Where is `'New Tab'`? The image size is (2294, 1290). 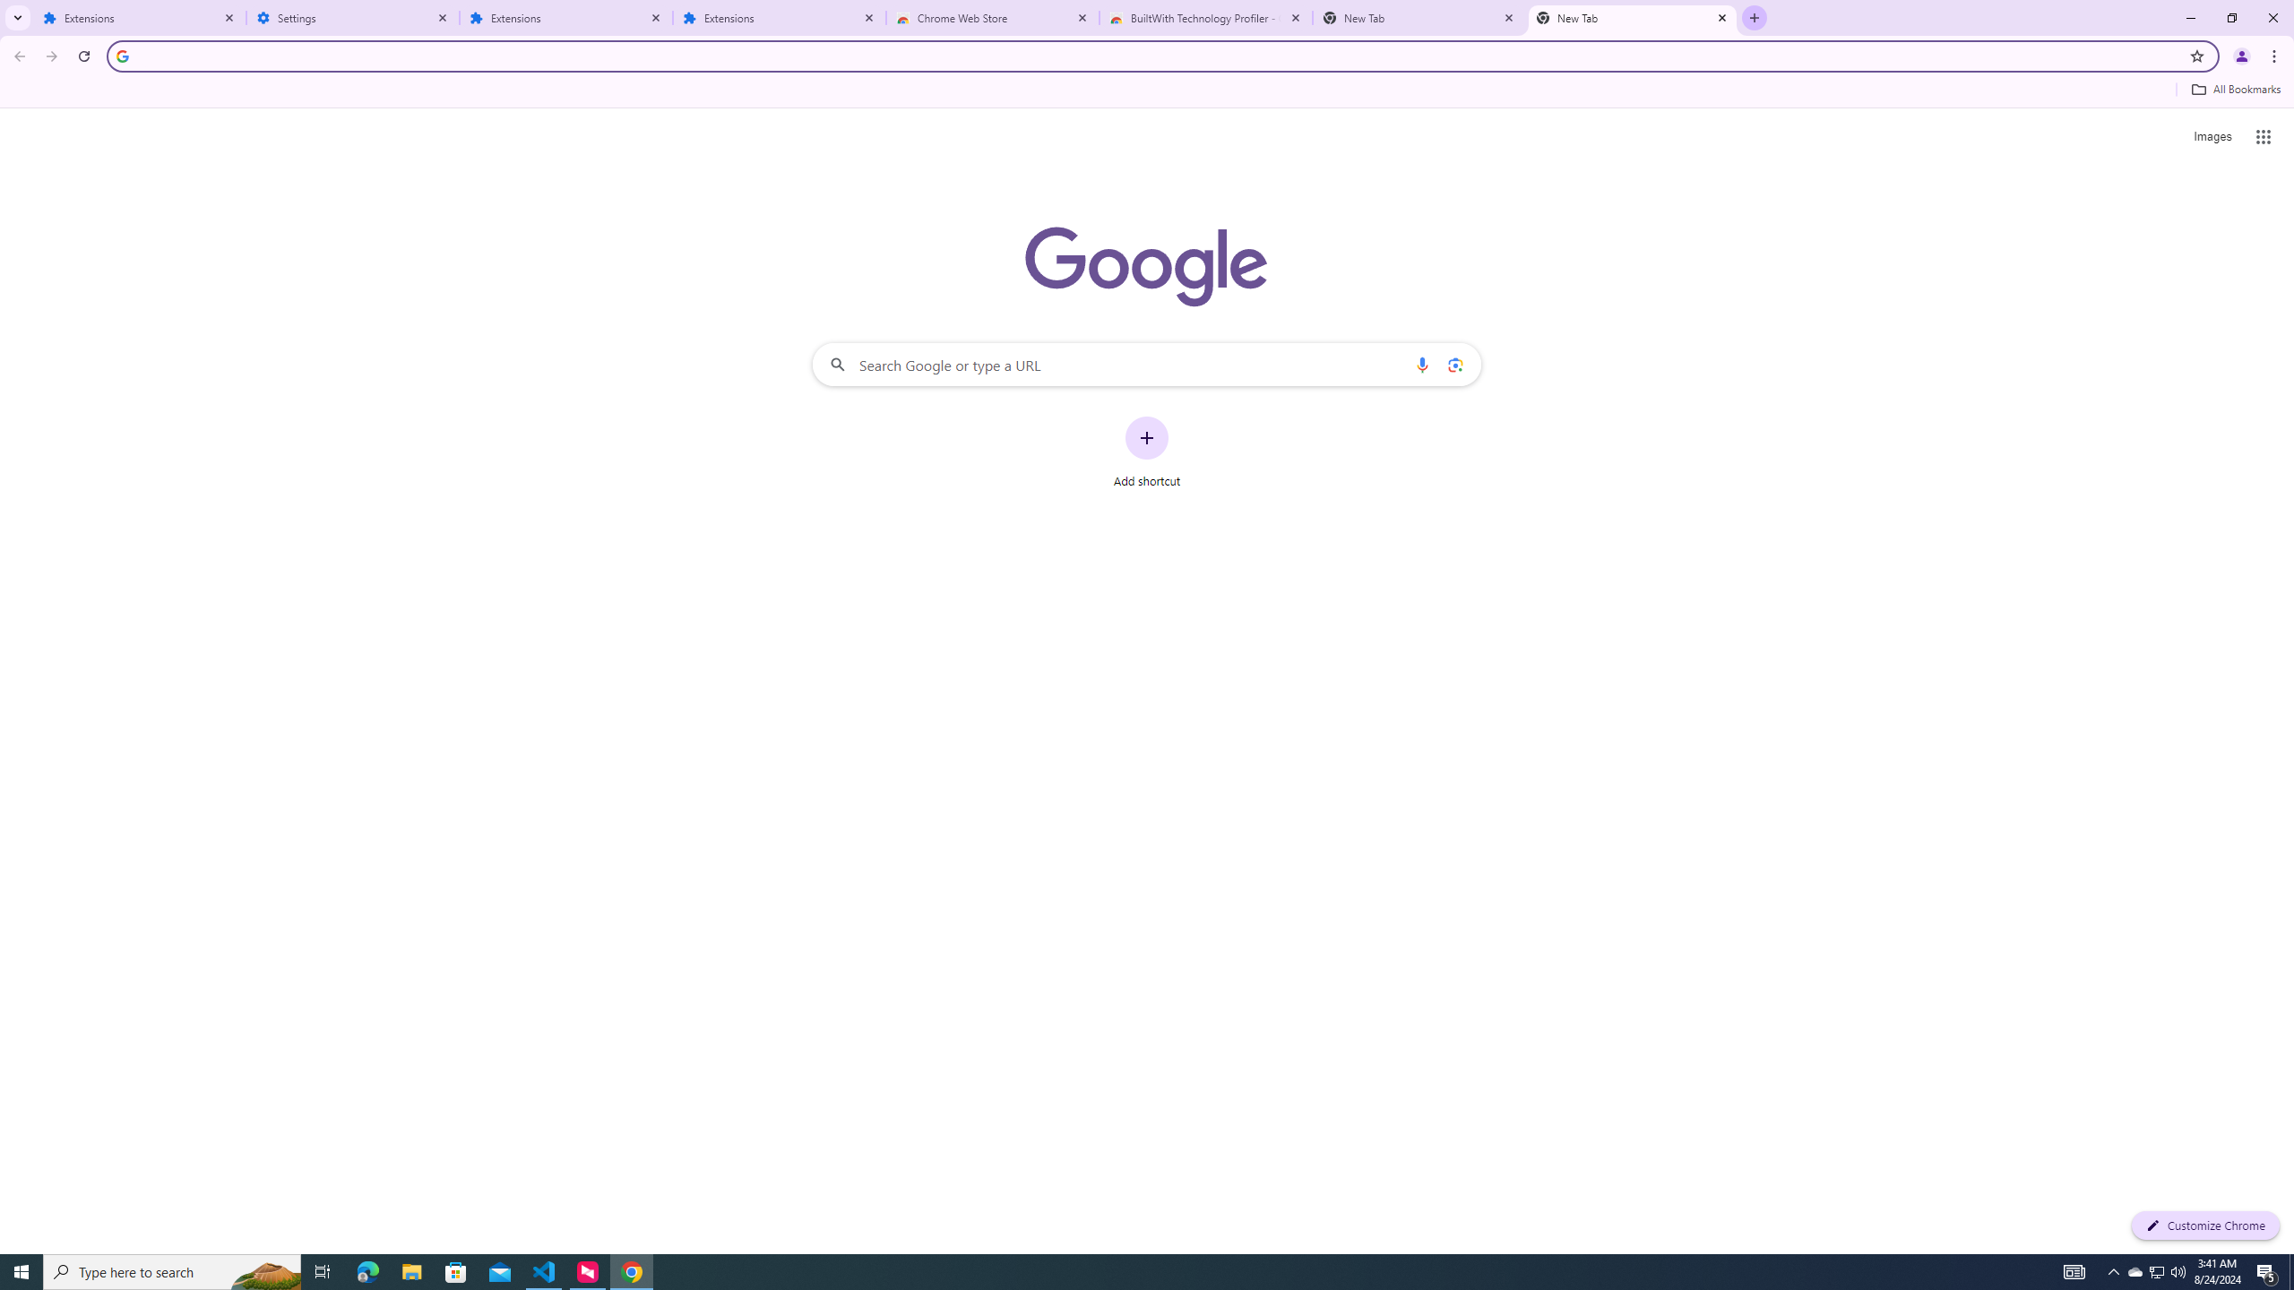
'New Tab' is located at coordinates (1633, 17).